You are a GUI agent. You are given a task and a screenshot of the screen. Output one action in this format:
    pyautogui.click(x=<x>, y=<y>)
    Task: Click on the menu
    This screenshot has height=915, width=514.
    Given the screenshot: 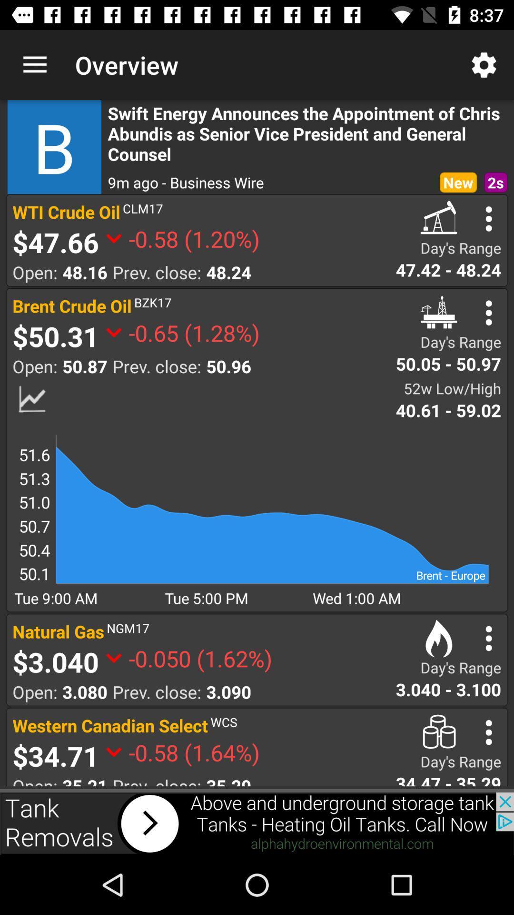 What is the action you would take?
    pyautogui.click(x=489, y=638)
    